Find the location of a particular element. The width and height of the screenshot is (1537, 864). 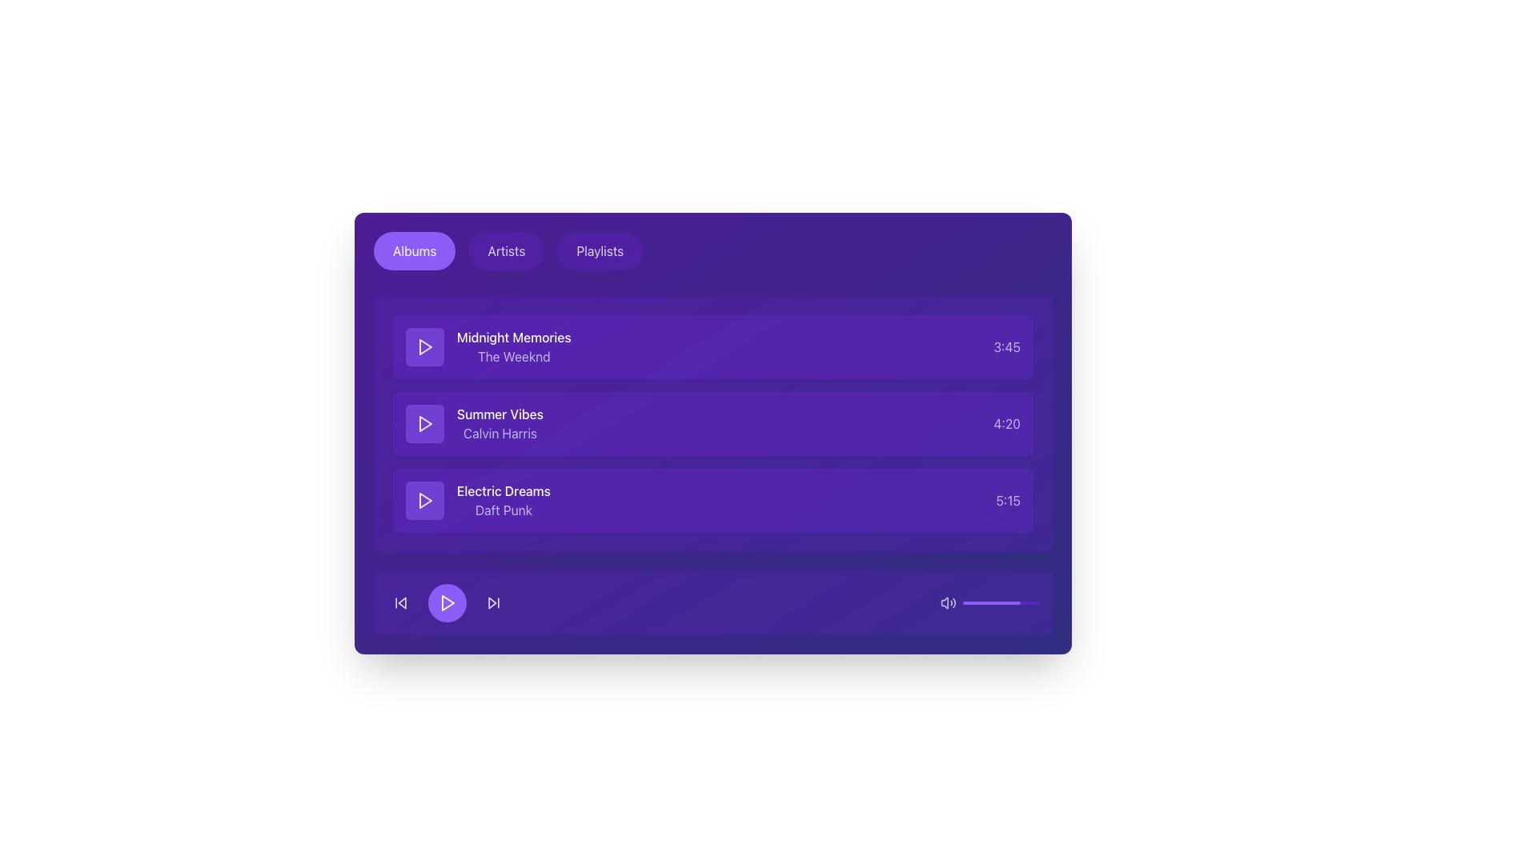

the third button in the top section of the interface to trigger hover effects, which is located to the right of the 'Albums' and 'Artists' buttons is located at coordinates (599, 250).